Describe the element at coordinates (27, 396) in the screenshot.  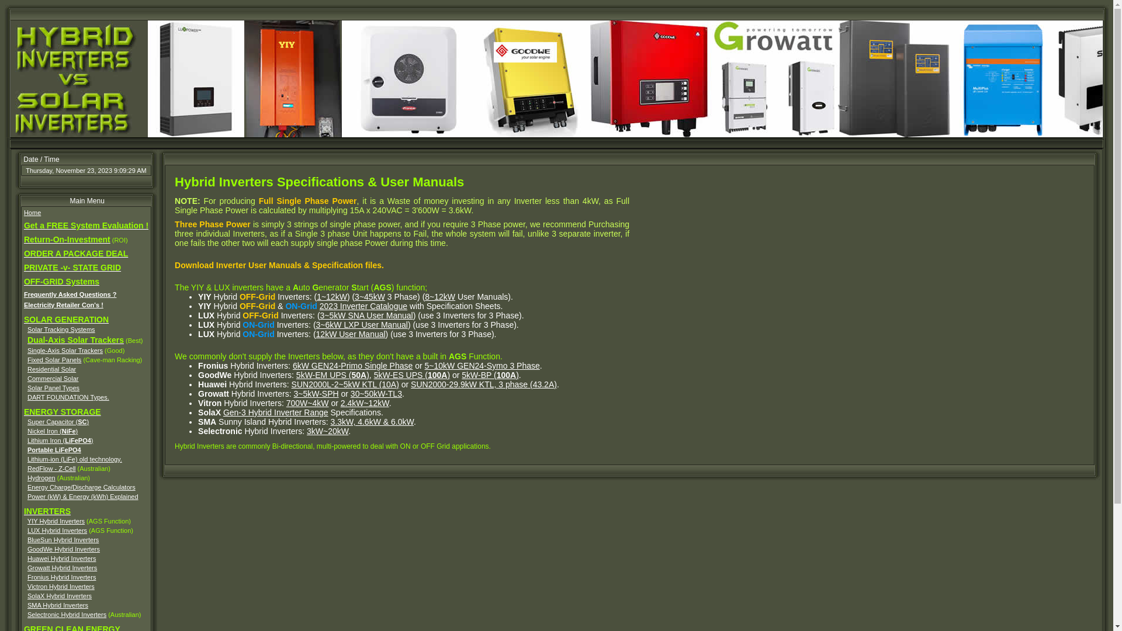
I see `'DART FOUNDATION Types.'` at that location.